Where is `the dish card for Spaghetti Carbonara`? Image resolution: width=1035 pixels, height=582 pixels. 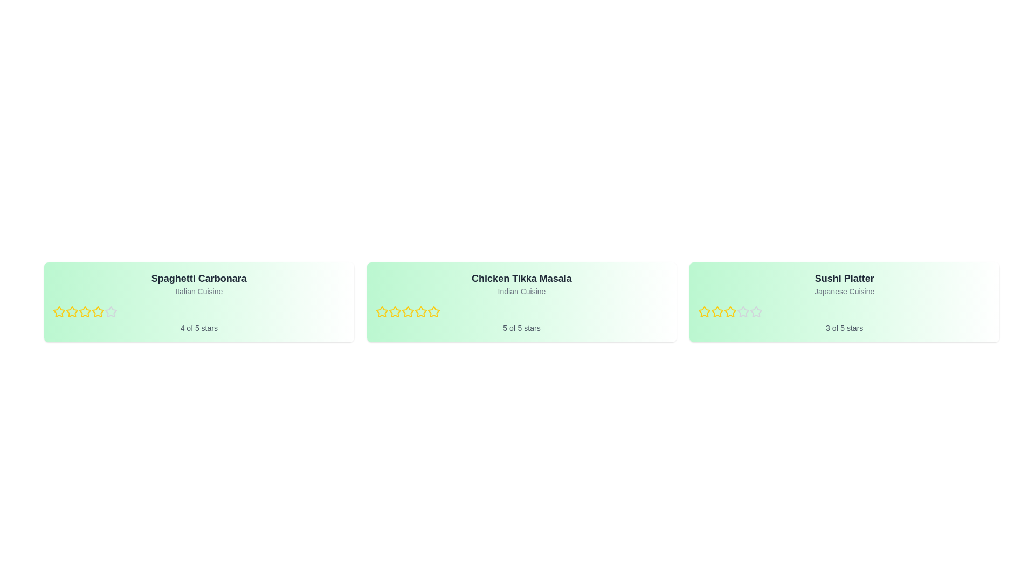
the dish card for Spaghetti Carbonara is located at coordinates (199, 302).